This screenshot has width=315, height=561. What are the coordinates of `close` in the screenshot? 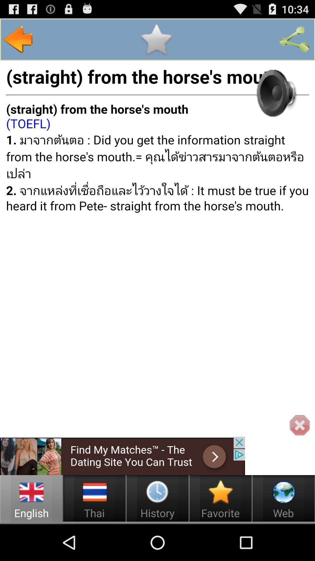 It's located at (300, 425).